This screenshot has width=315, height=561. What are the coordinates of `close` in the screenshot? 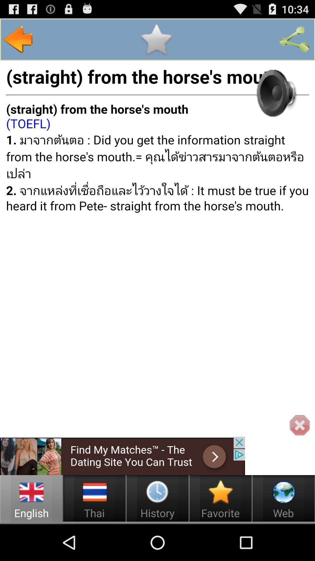 It's located at (300, 425).